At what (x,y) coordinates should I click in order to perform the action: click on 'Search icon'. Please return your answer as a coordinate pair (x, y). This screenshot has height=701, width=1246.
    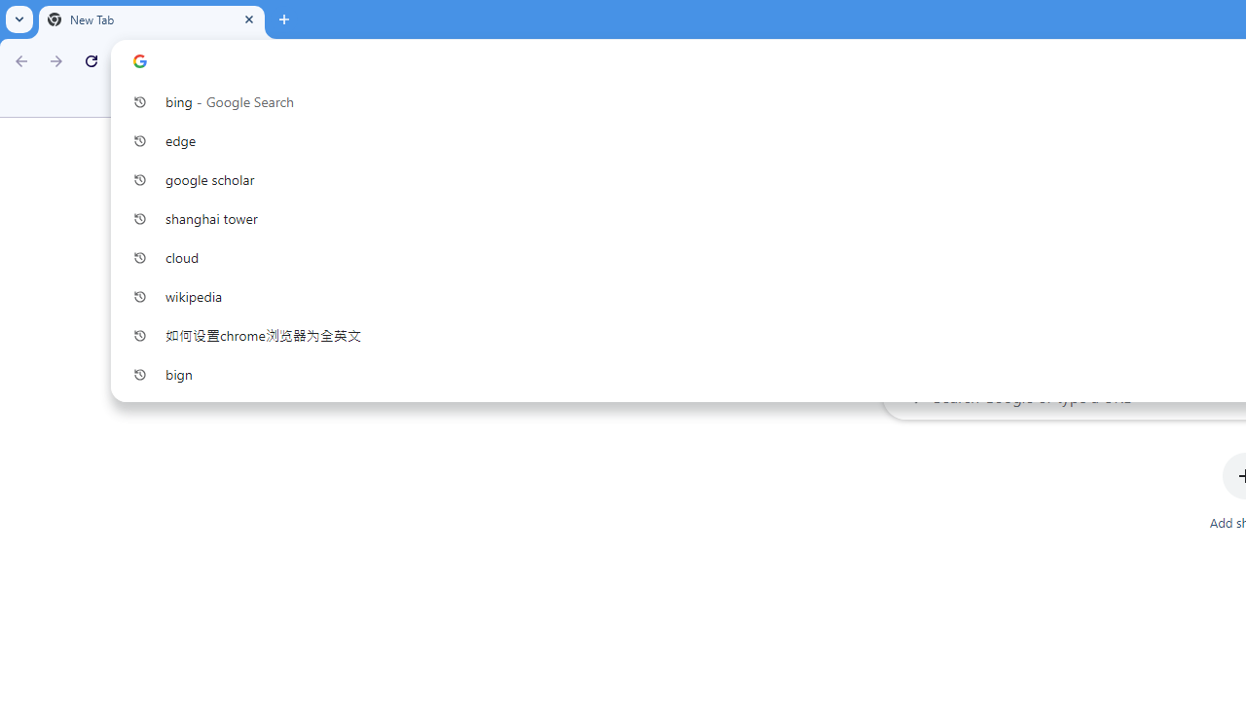
    Looking at the image, I should click on (139, 59).